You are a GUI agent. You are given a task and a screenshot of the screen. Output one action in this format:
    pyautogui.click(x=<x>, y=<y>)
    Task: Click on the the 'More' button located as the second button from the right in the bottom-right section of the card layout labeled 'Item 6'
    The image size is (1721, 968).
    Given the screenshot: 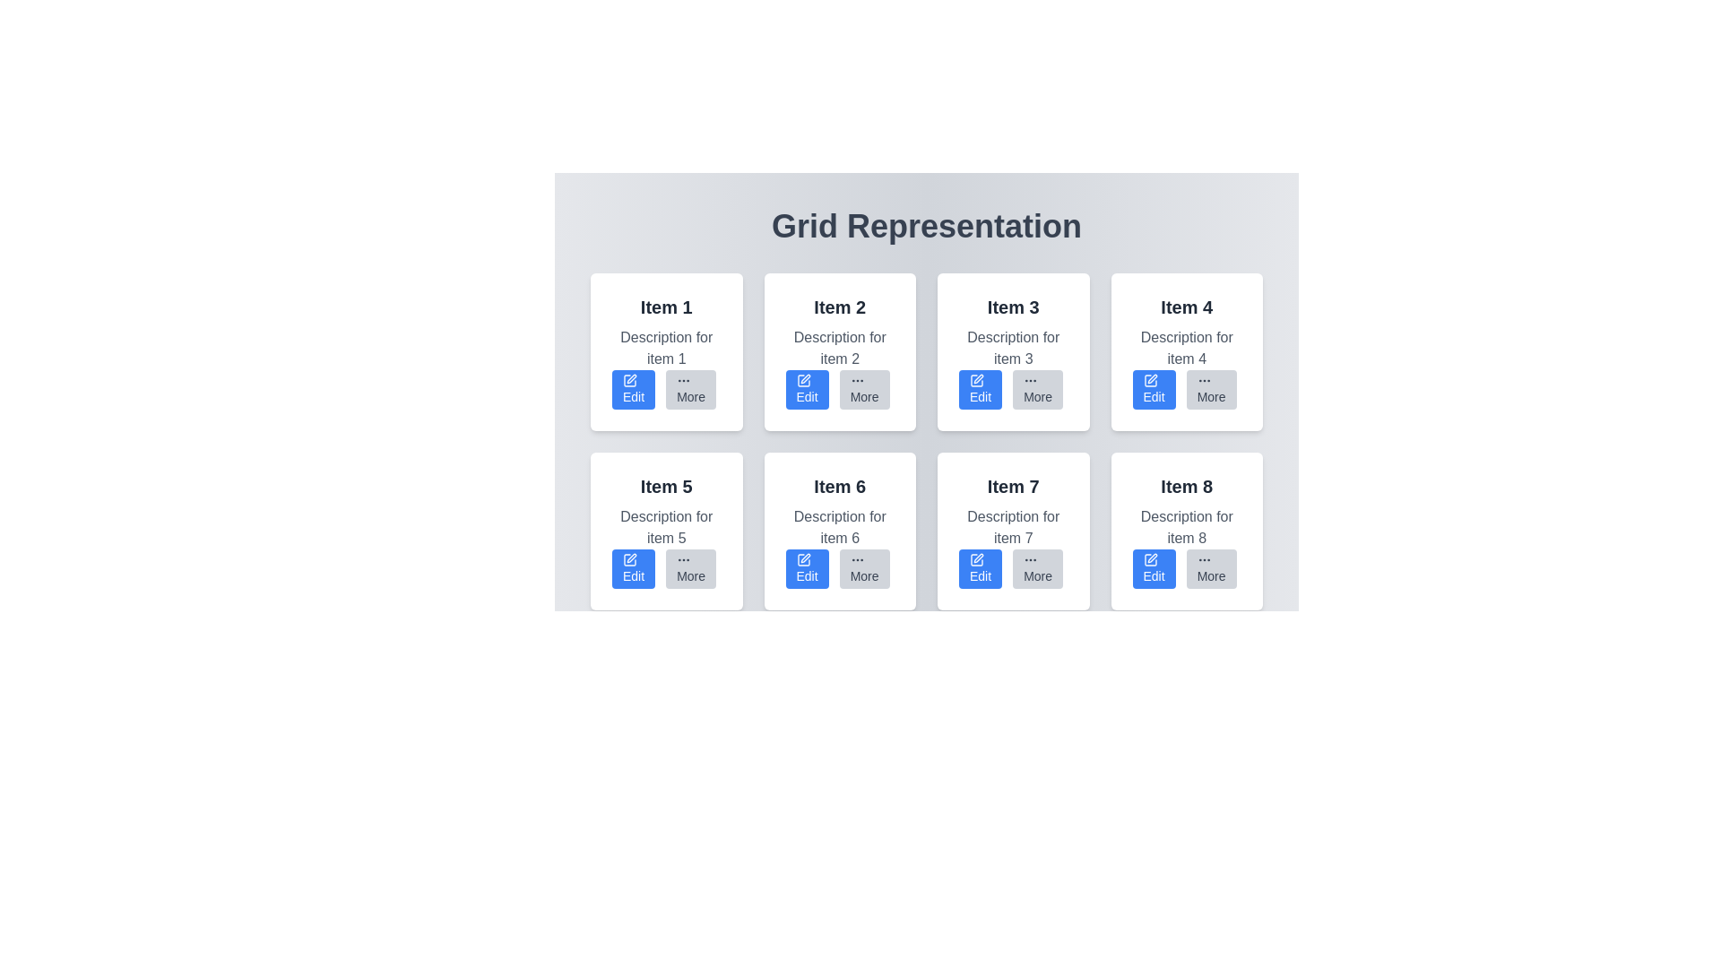 What is the action you would take?
    pyautogui.click(x=864, y=748)
    